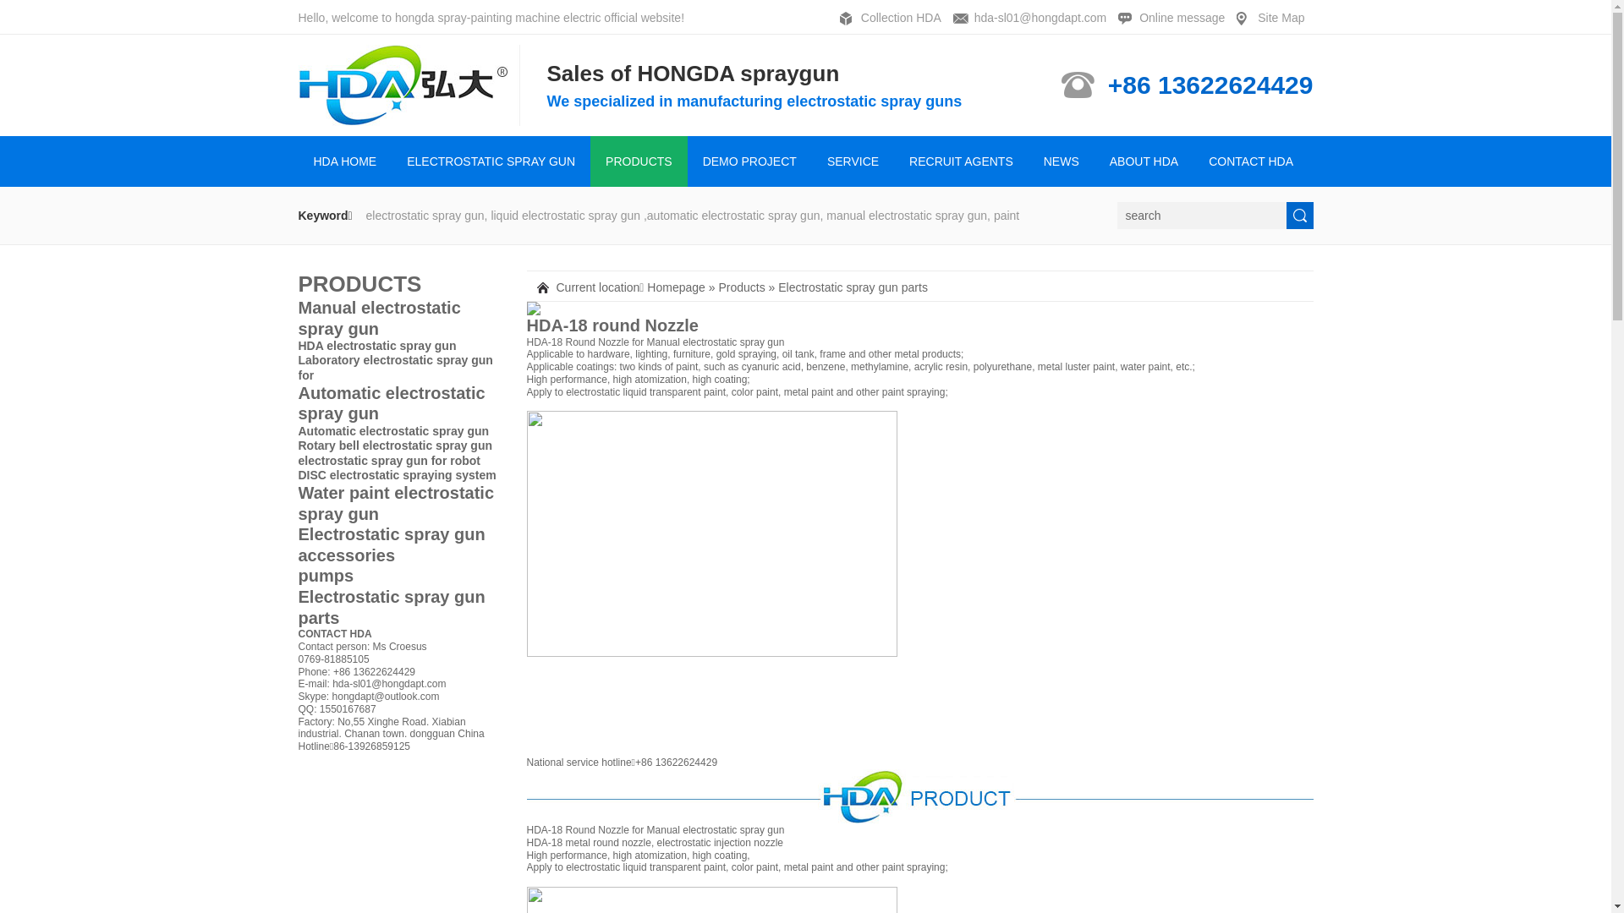  I want to click on 'Site Map', so click(1275, 18).